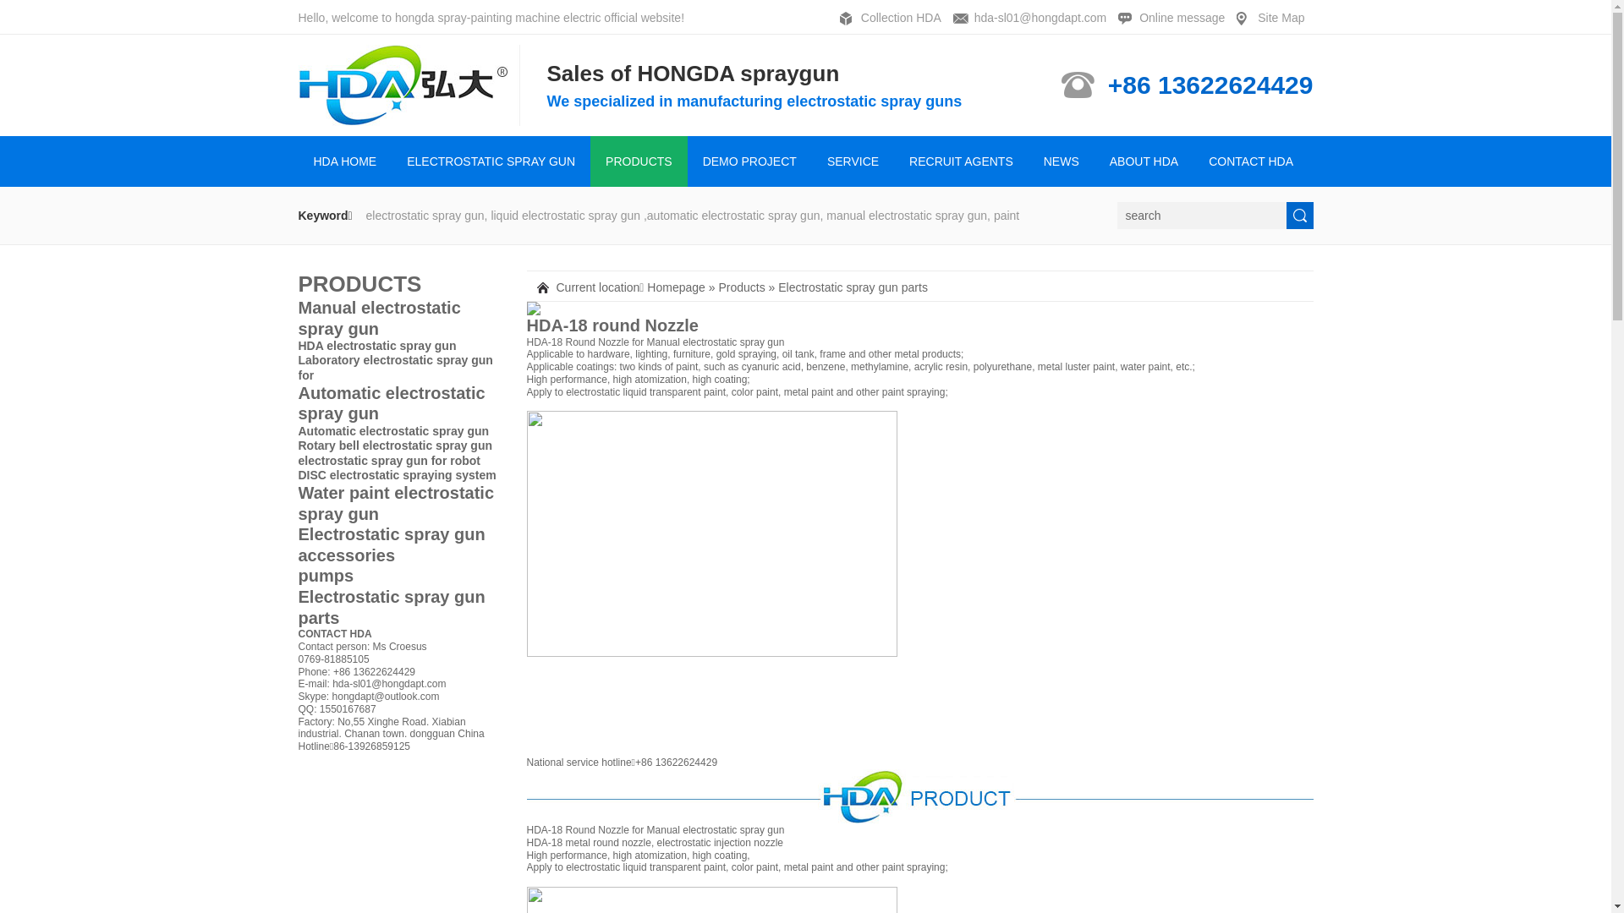  I want to click on 'Site Map', so click(1275, 18).